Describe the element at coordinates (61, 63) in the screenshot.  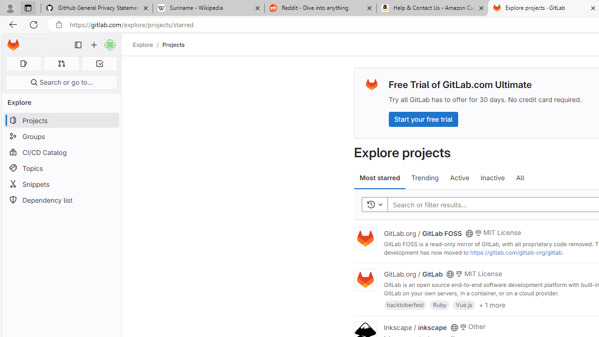
I see `'Merge requests 0'` at that location.